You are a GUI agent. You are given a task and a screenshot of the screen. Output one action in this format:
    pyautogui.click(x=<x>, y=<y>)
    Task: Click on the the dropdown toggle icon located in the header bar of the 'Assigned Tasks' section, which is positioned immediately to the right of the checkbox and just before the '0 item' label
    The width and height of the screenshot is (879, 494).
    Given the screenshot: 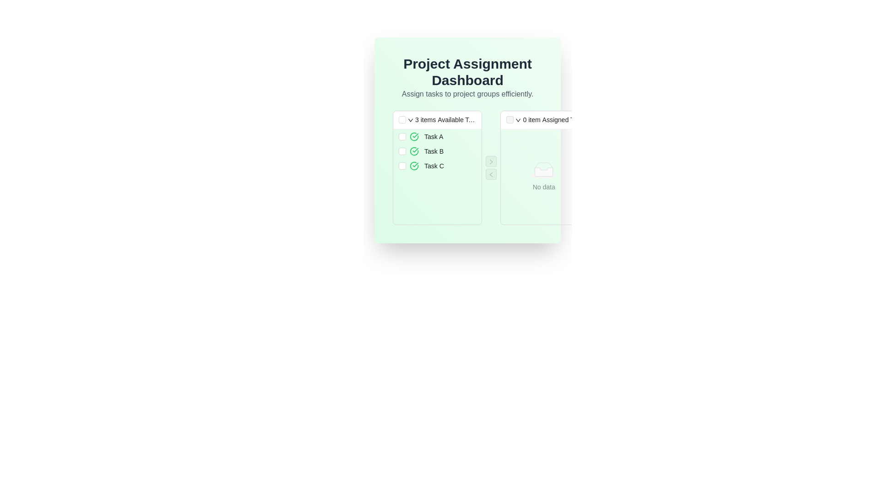 What is the action you would take?
    pyautogui.click(x=518, y=119)
    